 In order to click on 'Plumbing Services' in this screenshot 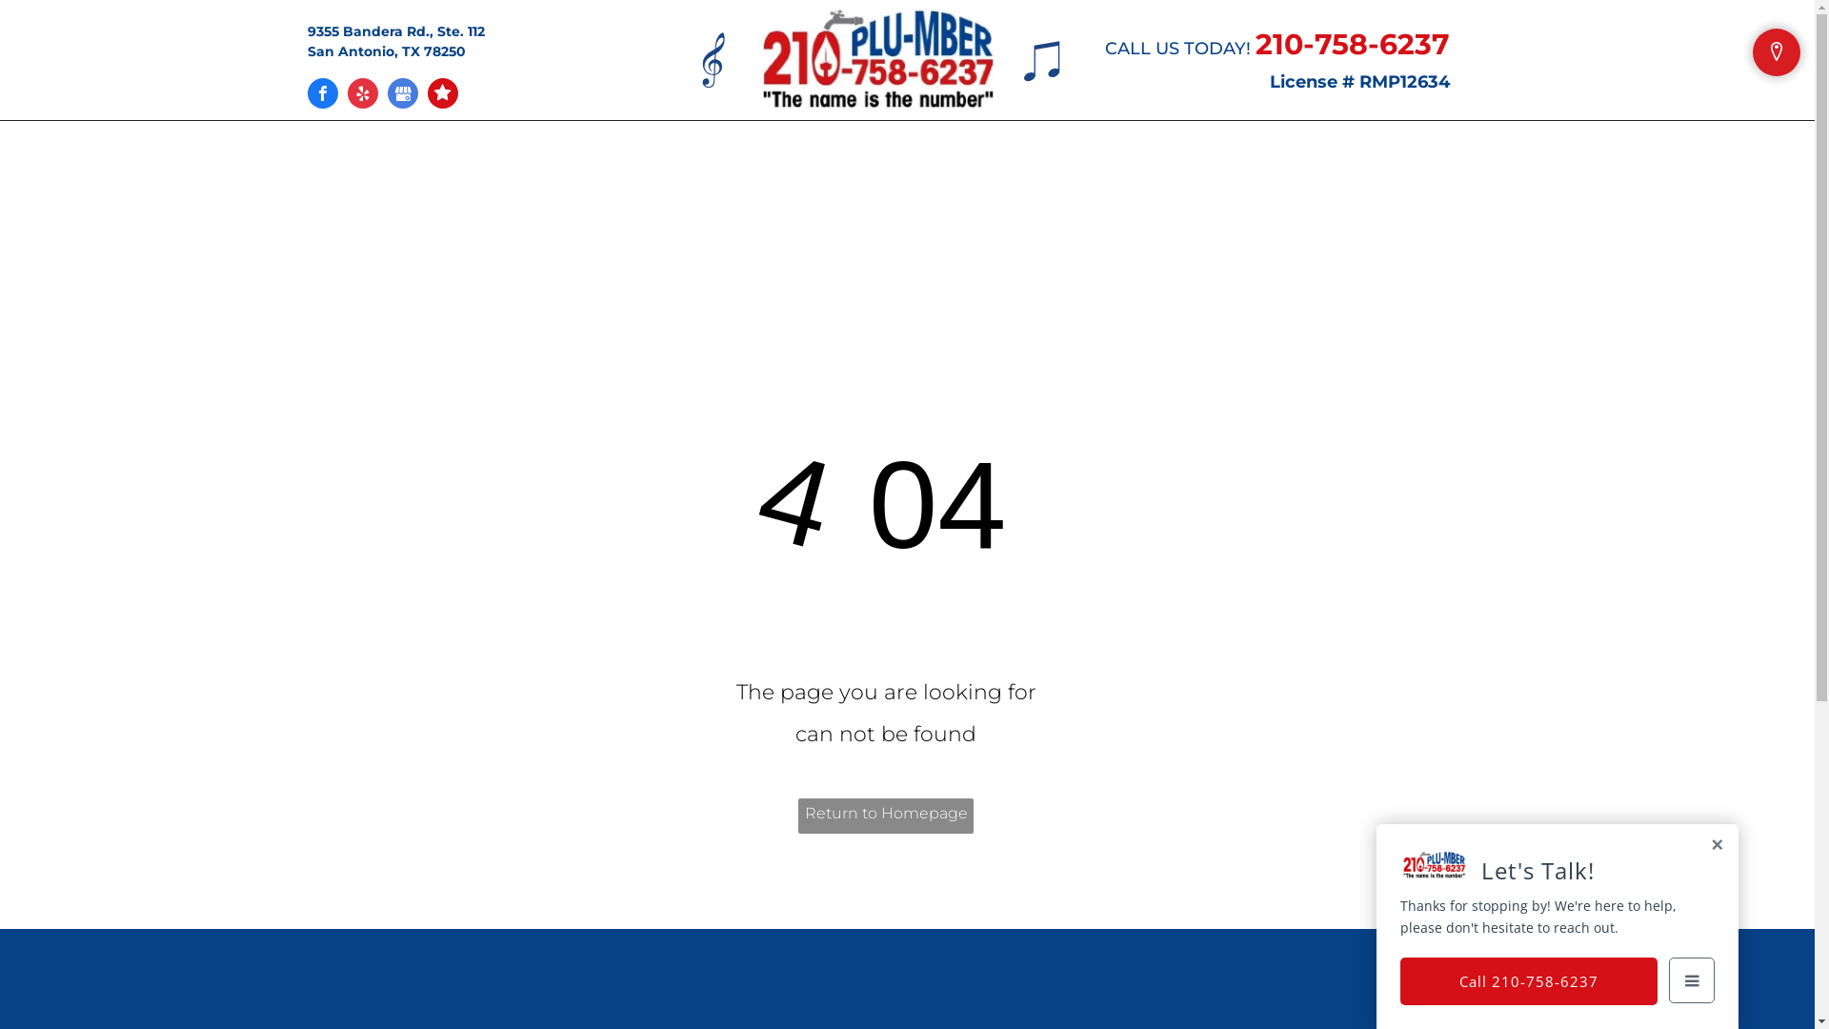, I will do `click(787, 159)`.